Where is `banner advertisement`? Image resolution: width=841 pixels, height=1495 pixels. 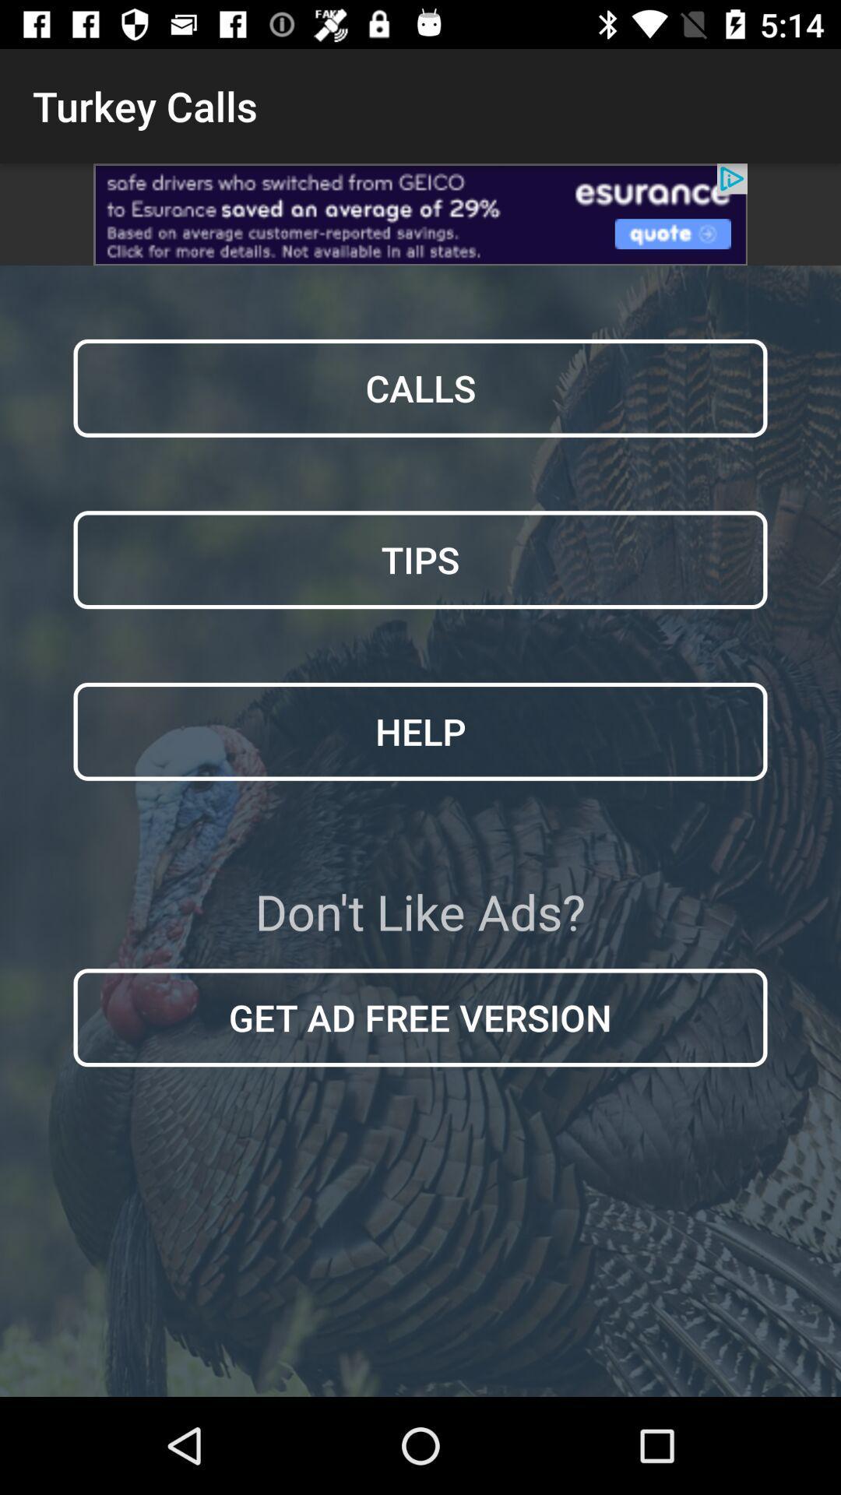
banner advertisement is located at coordinates (420, 213).